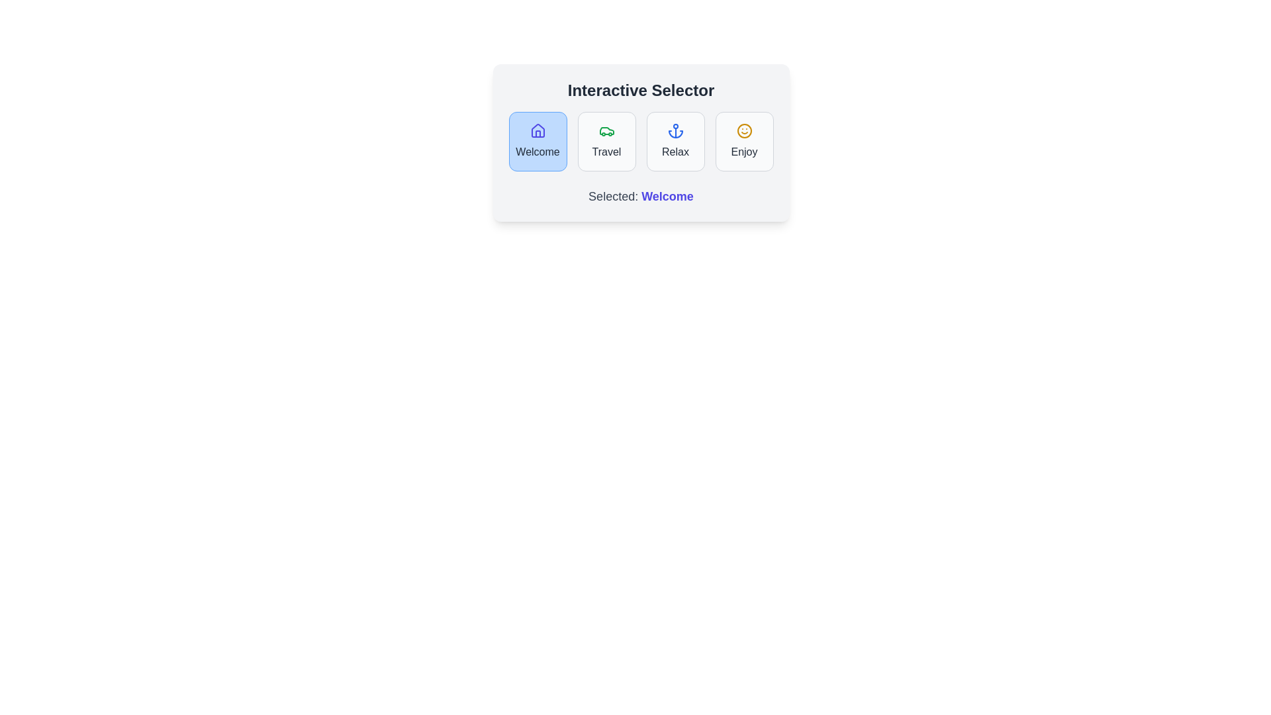 This screenshot has height=715, width=1271. I want to click on the yellow smiley face icon located in the fourth selectable box from the left under the 'Interactive Selector' labeled 'Enjoy', so click(744, 130).